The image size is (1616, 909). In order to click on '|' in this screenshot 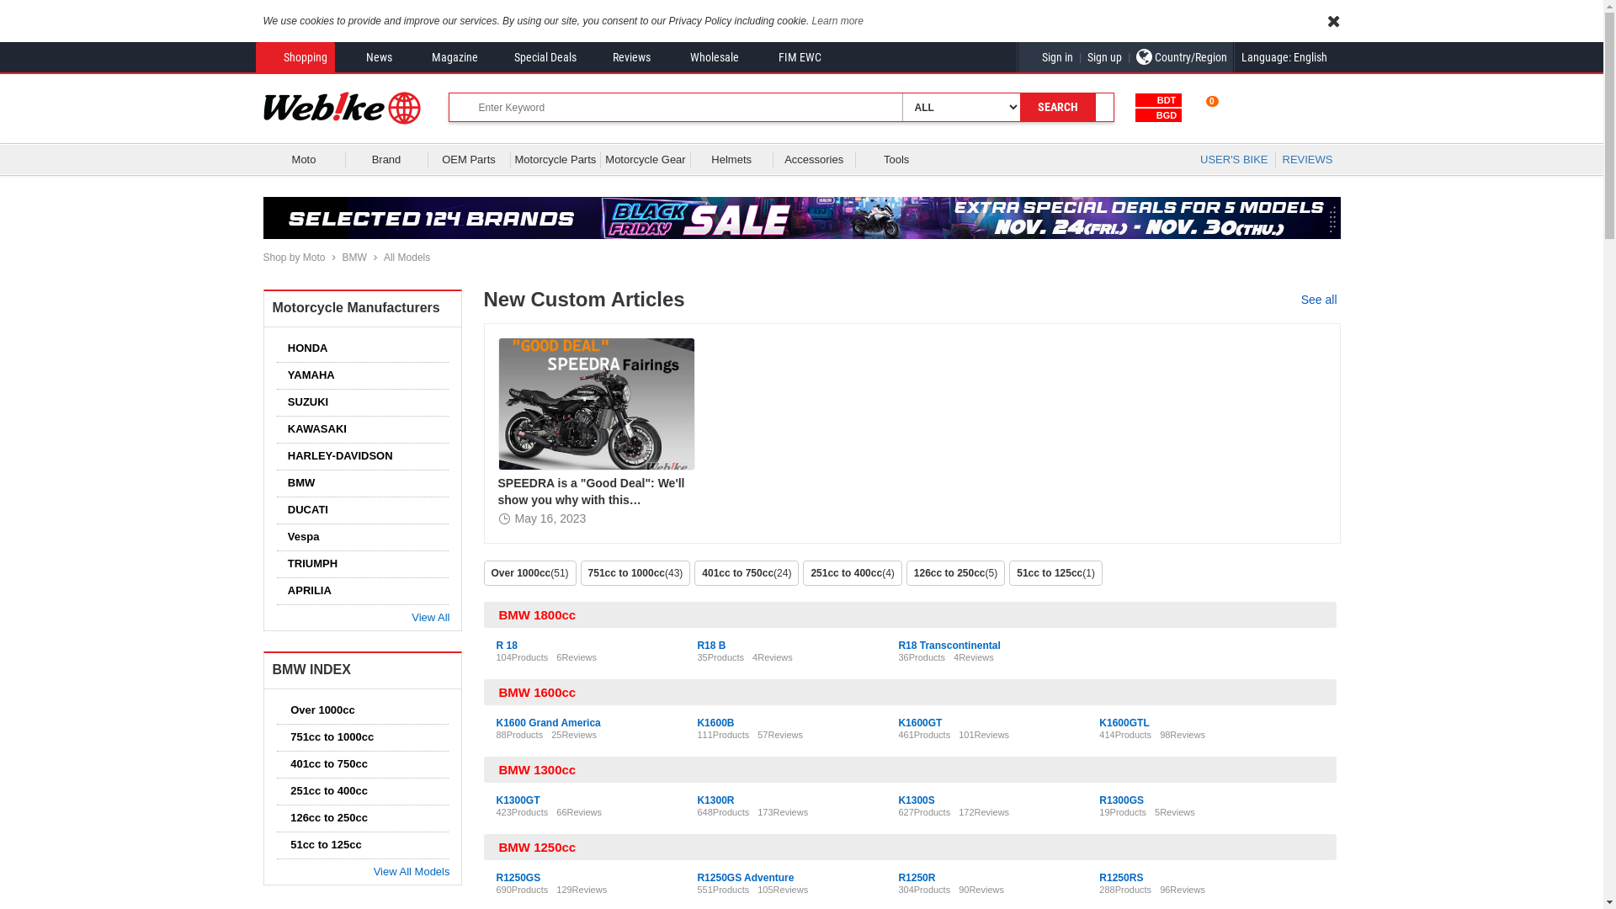, I will do `click(1080, 56)`.